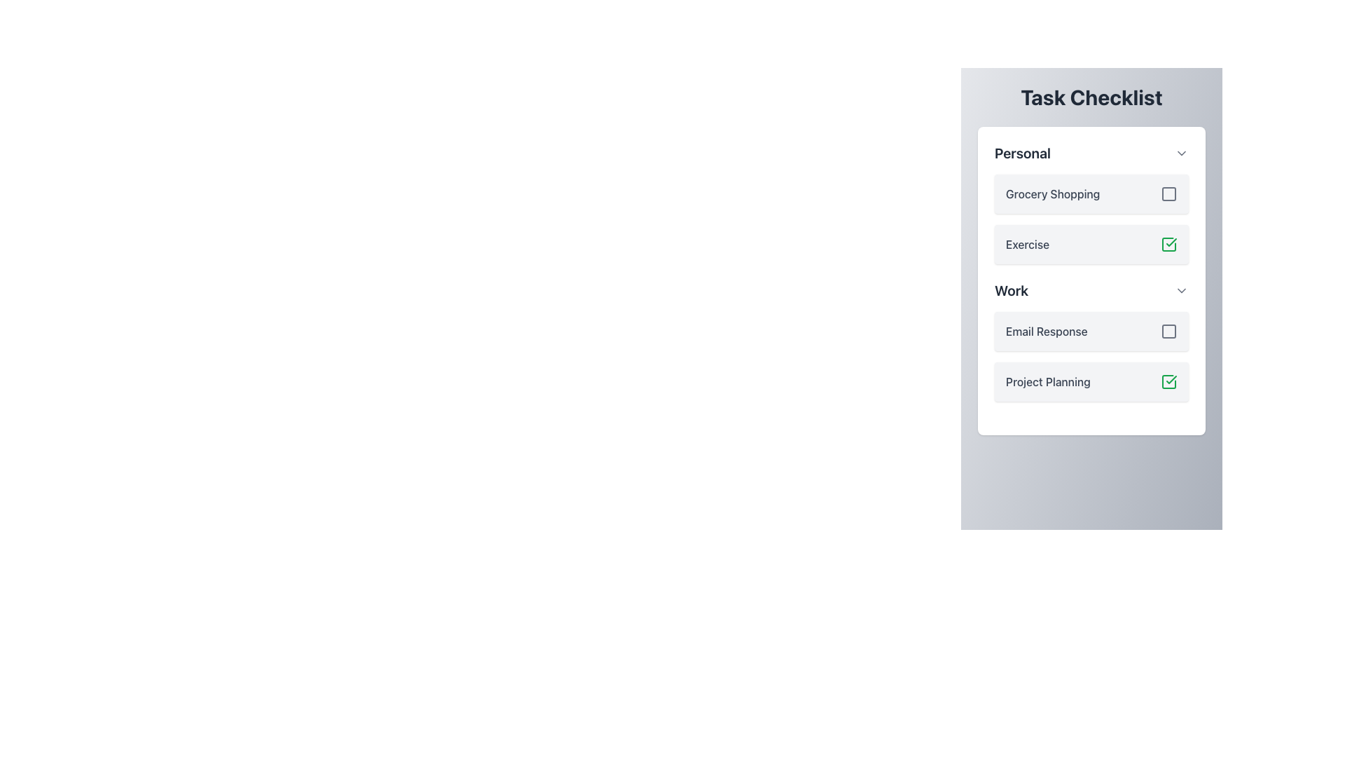 The width and height of the screenshot is (1345, 757). Describe the element at coordinates (1091, 341) in the screenshot. I see `the 'Email Response' checklist item` at that location.